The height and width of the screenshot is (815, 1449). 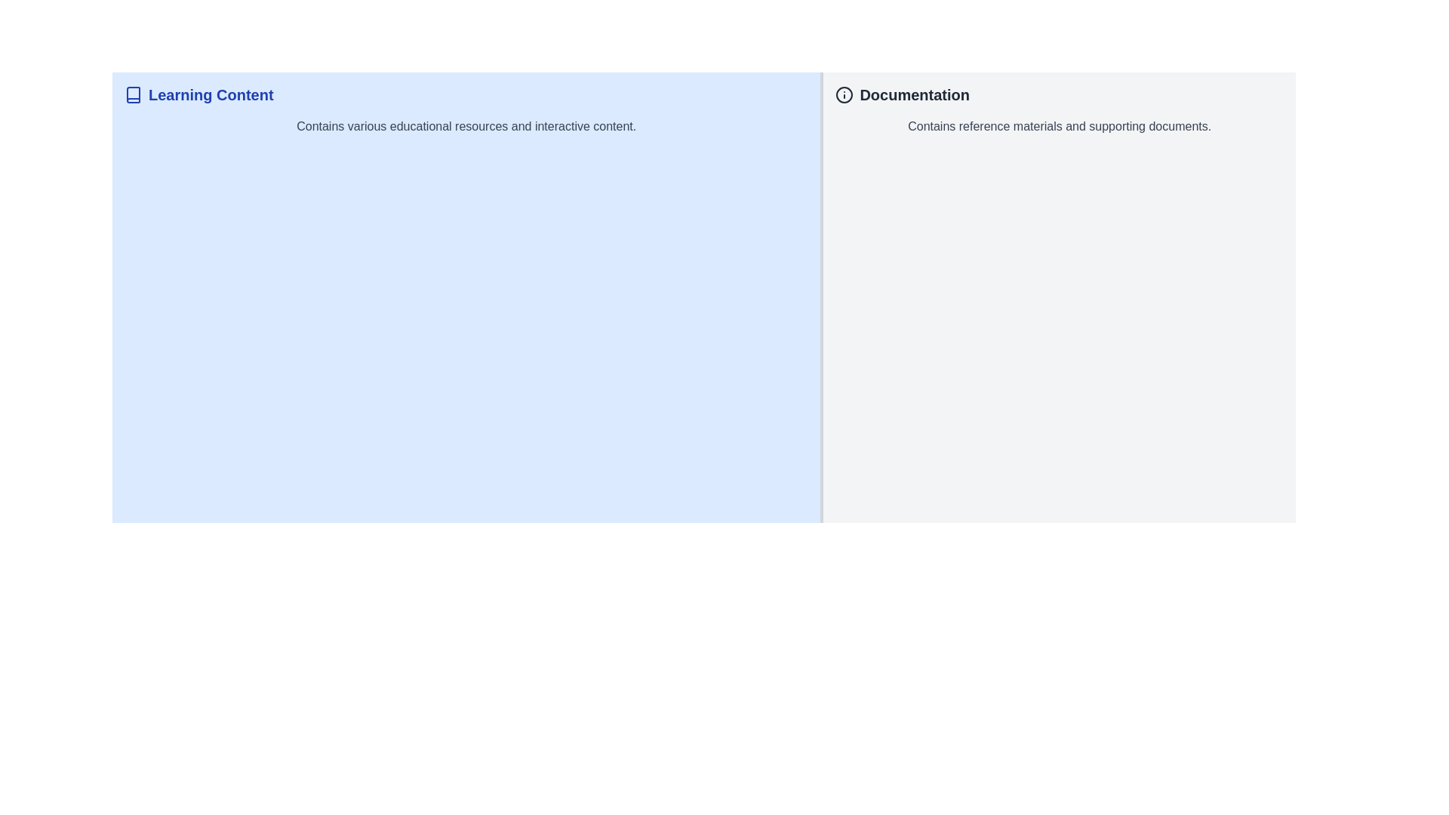 What do you see at coordinates (134, 95) in the screenshot?
I see `the 'Learning Content' icon located at the top-left corner of the left column adjacent to the text label` at bounding box center [134, 95].